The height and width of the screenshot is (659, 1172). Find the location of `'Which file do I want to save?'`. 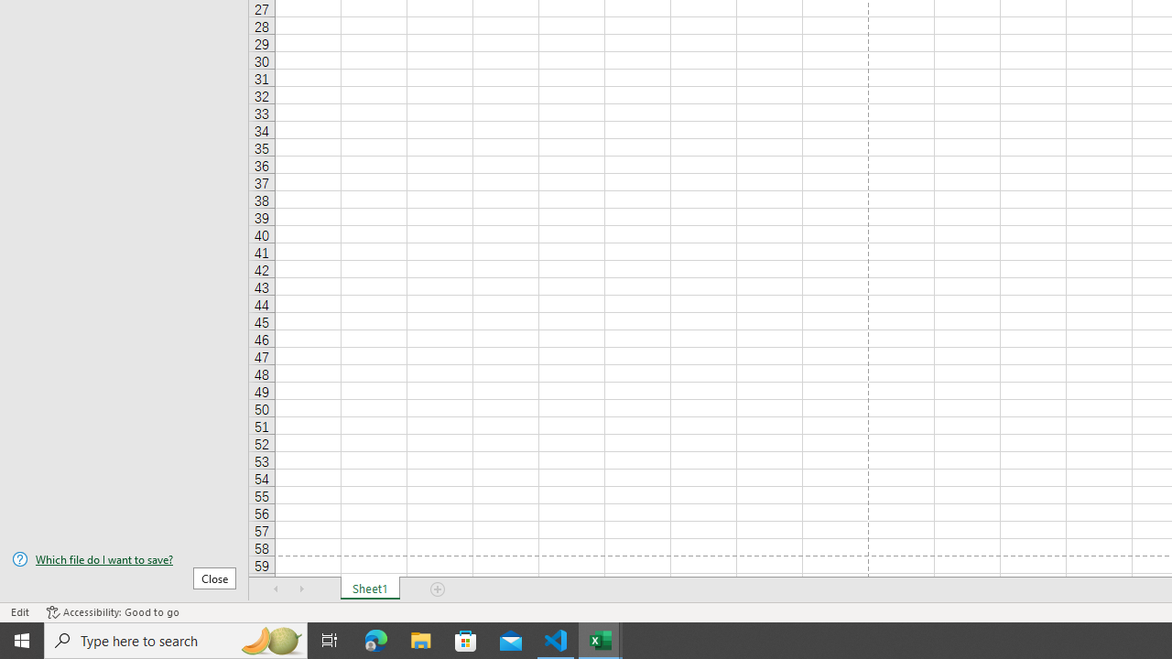

'Which file do I want to save?' is located at coordinates (124, 558).